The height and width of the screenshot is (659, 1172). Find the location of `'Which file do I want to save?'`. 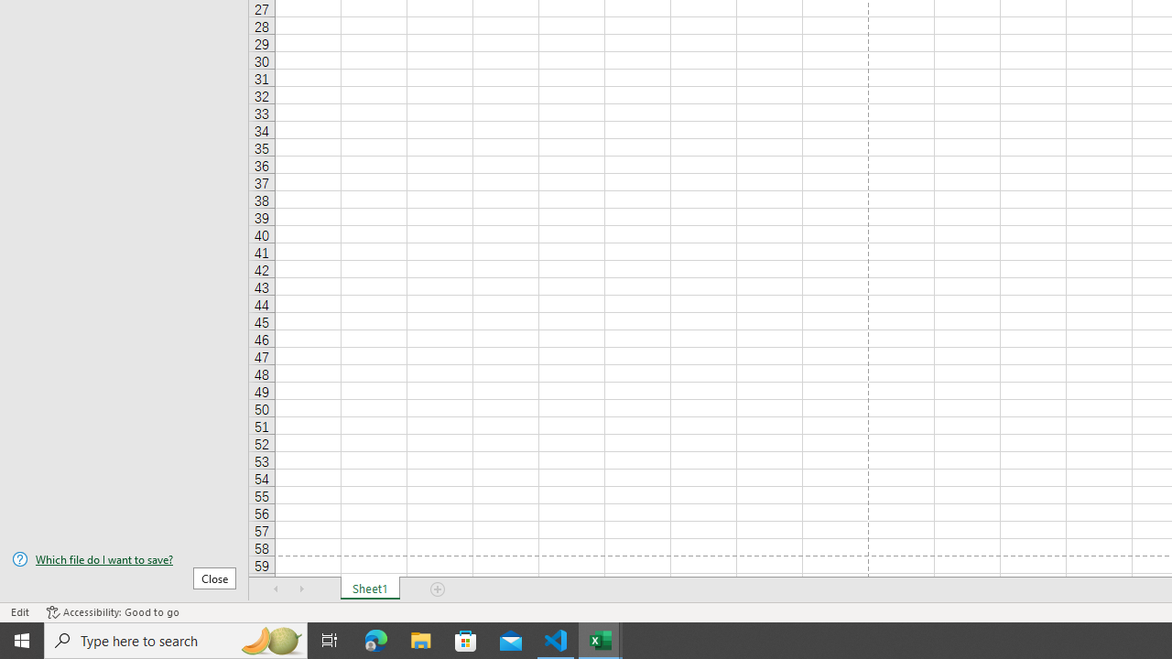

'Which file do I want to save?' is located at coordinates (124, 558).